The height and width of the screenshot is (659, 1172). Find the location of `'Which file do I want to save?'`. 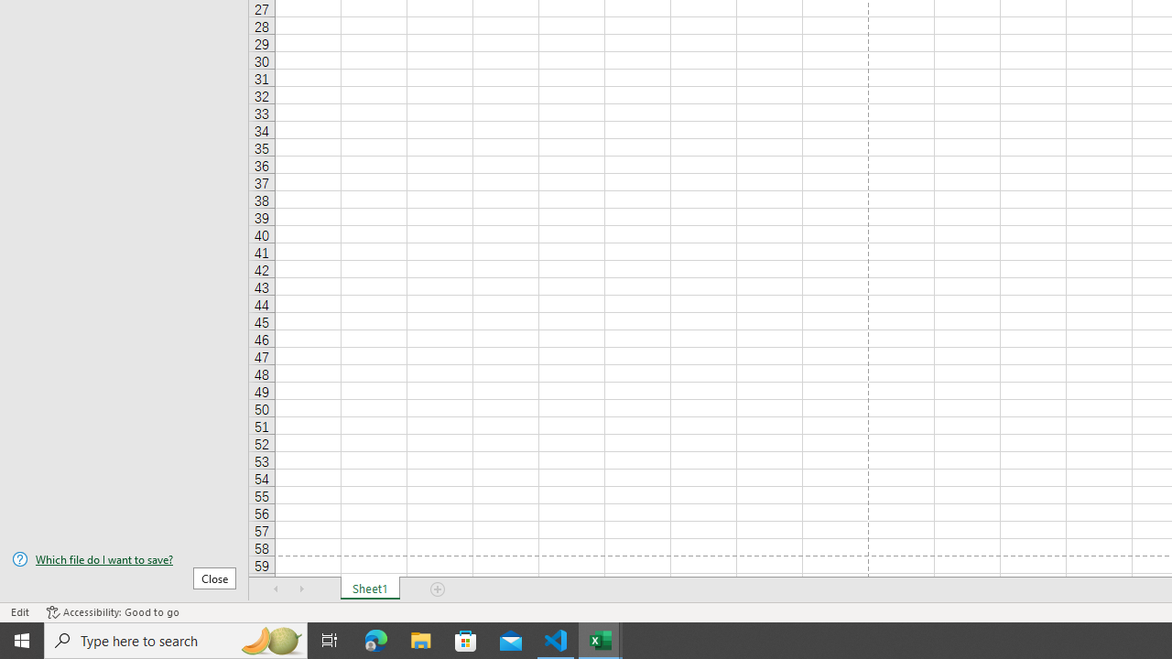

'Which file do I want to save?' is located at coordinates (124, 558).